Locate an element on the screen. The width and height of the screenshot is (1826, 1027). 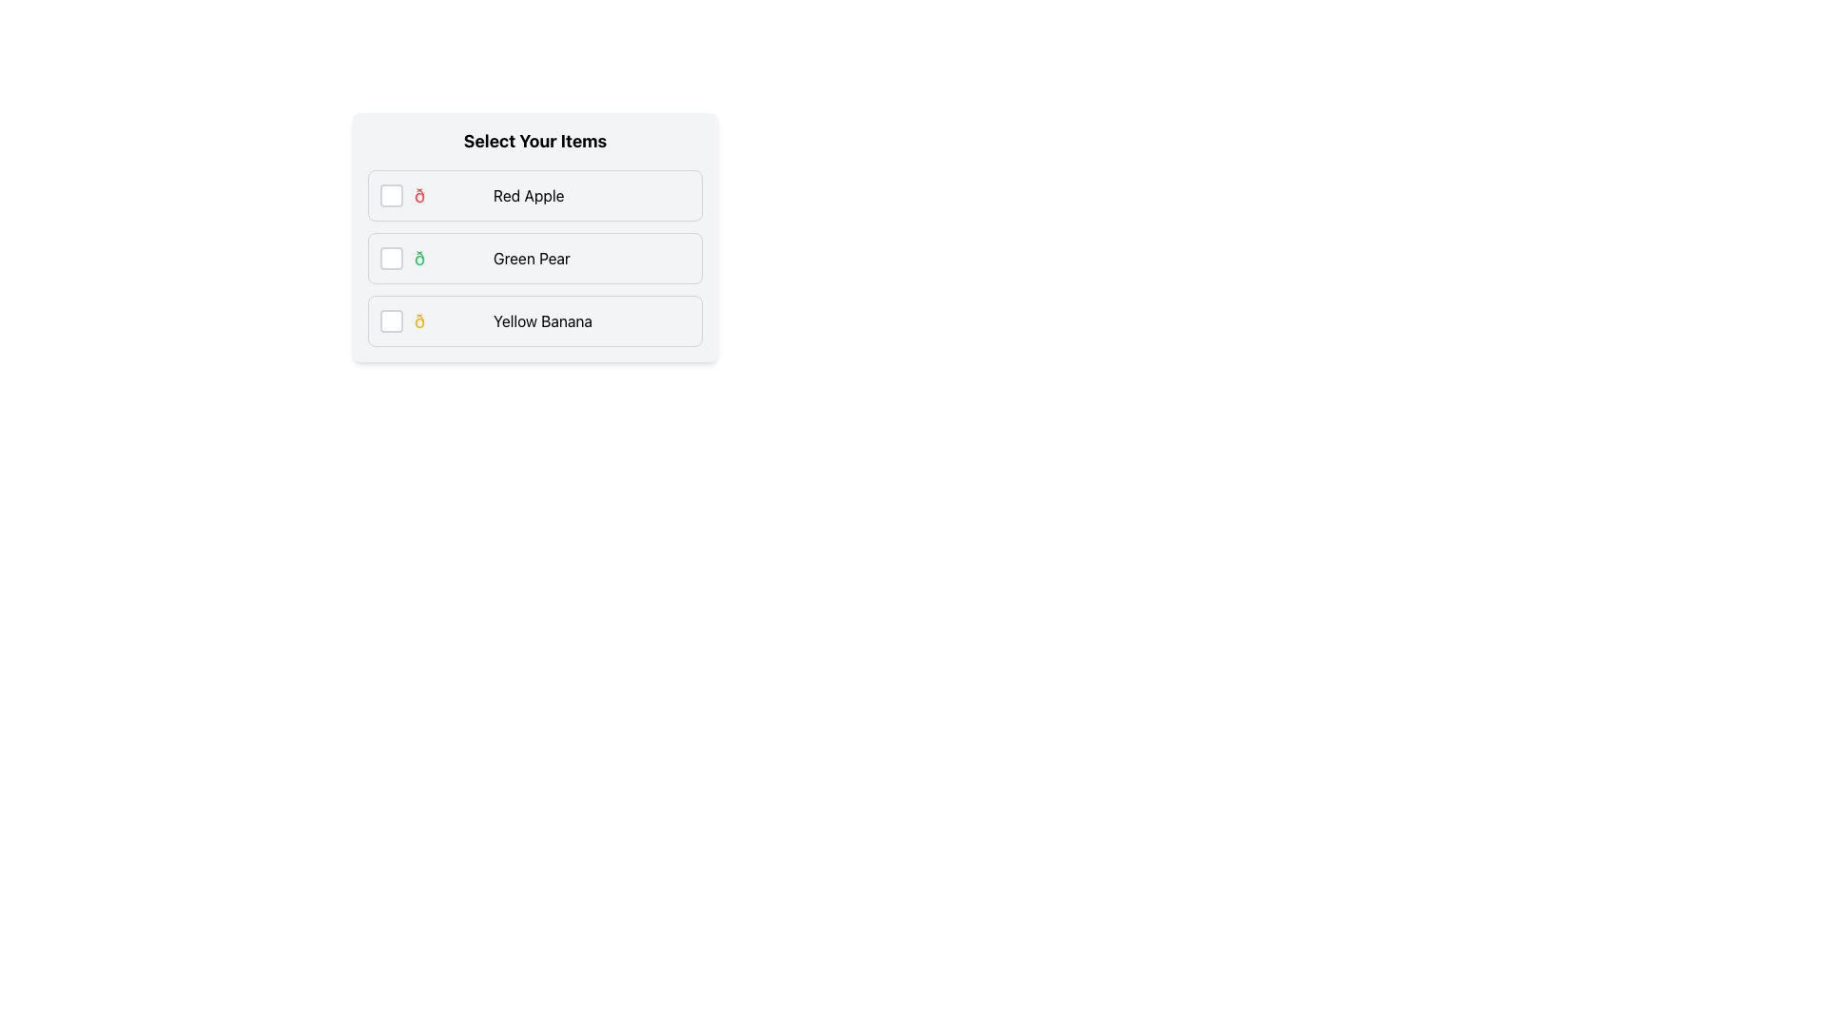
the selection item row featuring a green pear emoji and the text 'Green Pear' is located at coordinates (534, 259).